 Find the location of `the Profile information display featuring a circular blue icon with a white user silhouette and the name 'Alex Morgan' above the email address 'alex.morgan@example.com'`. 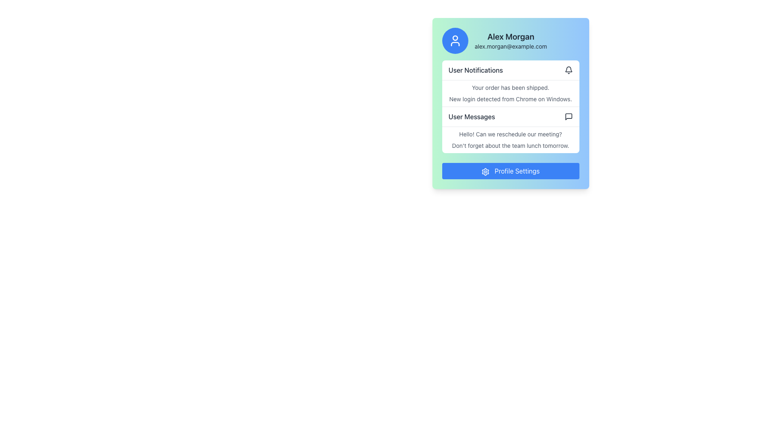

the Profile information display featuring a circular blue icon with a white user silhouette and the name 'Alex Morgan' above the email address 'alex.morgan@example.com' is located at coordinates (510, 41).